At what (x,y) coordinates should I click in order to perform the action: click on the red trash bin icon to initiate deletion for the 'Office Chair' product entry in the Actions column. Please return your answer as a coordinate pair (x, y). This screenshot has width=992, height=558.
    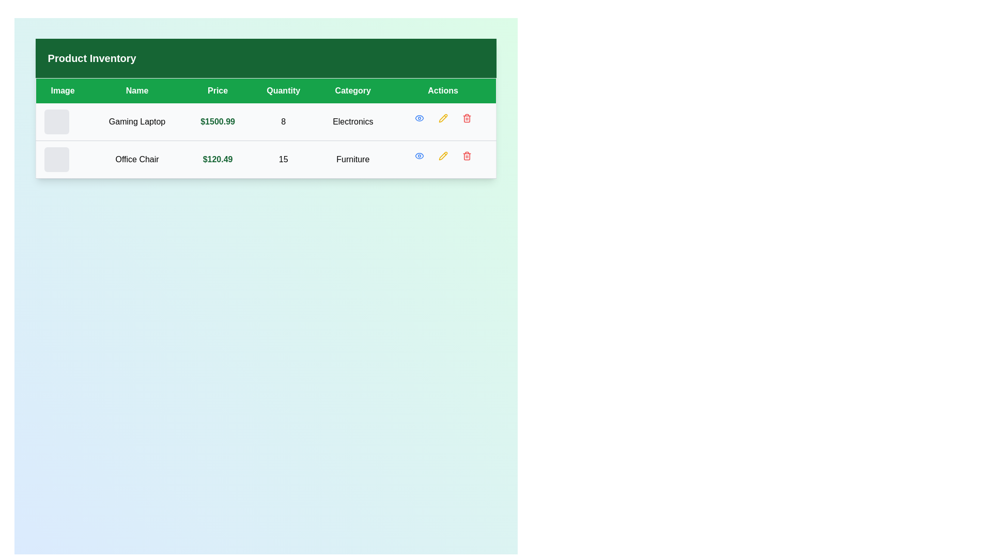
    Looking at the image, I should click on (466, 156).